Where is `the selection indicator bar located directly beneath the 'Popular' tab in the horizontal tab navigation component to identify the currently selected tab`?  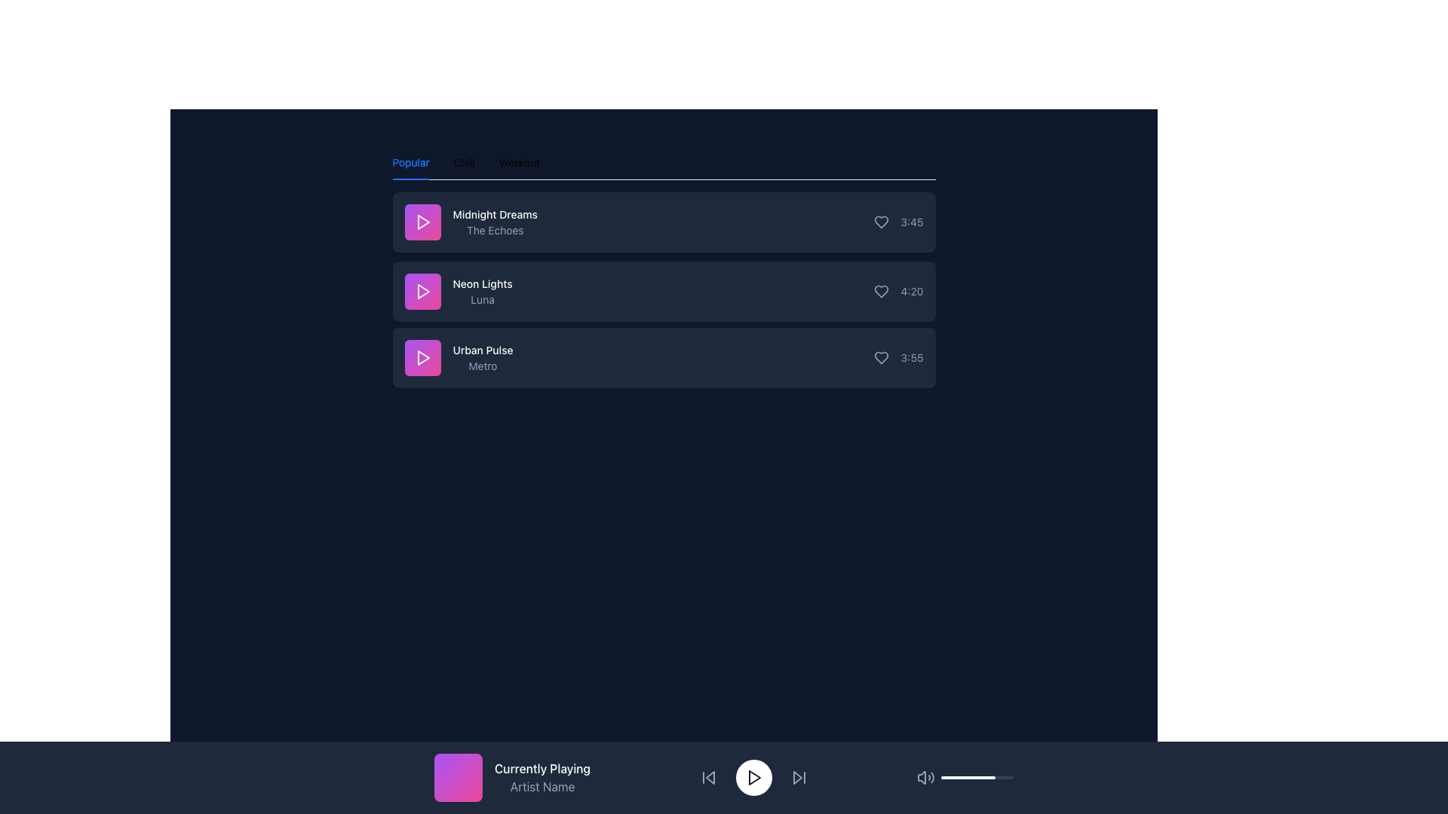 the selection indicator bar located directly beneath the 'Popular' tab in the horizontal tab navigation component to identify the currently selected tab is located at coordinates (411, 179).